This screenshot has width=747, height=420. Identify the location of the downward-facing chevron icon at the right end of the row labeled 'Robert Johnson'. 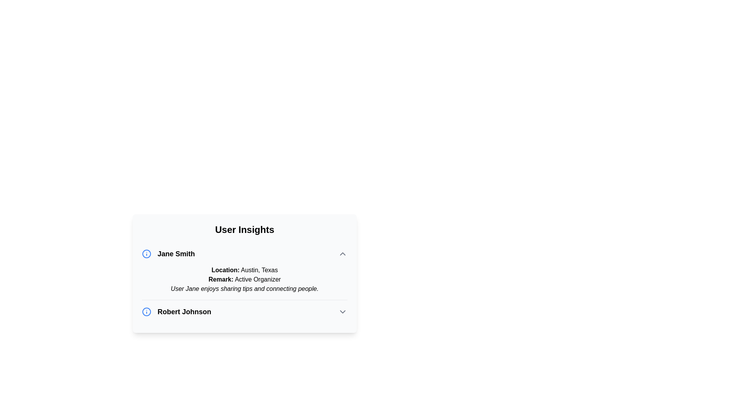
(342, 311).